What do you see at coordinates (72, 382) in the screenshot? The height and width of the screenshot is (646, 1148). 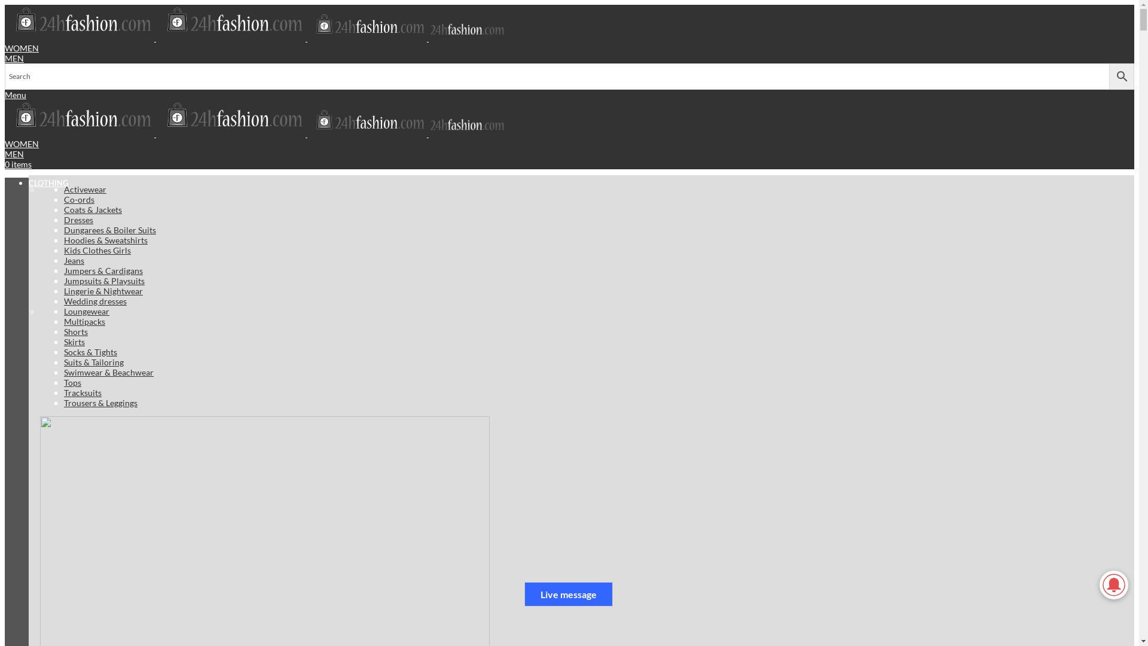 I see `'Tops'` at bounding box center [72, 382].